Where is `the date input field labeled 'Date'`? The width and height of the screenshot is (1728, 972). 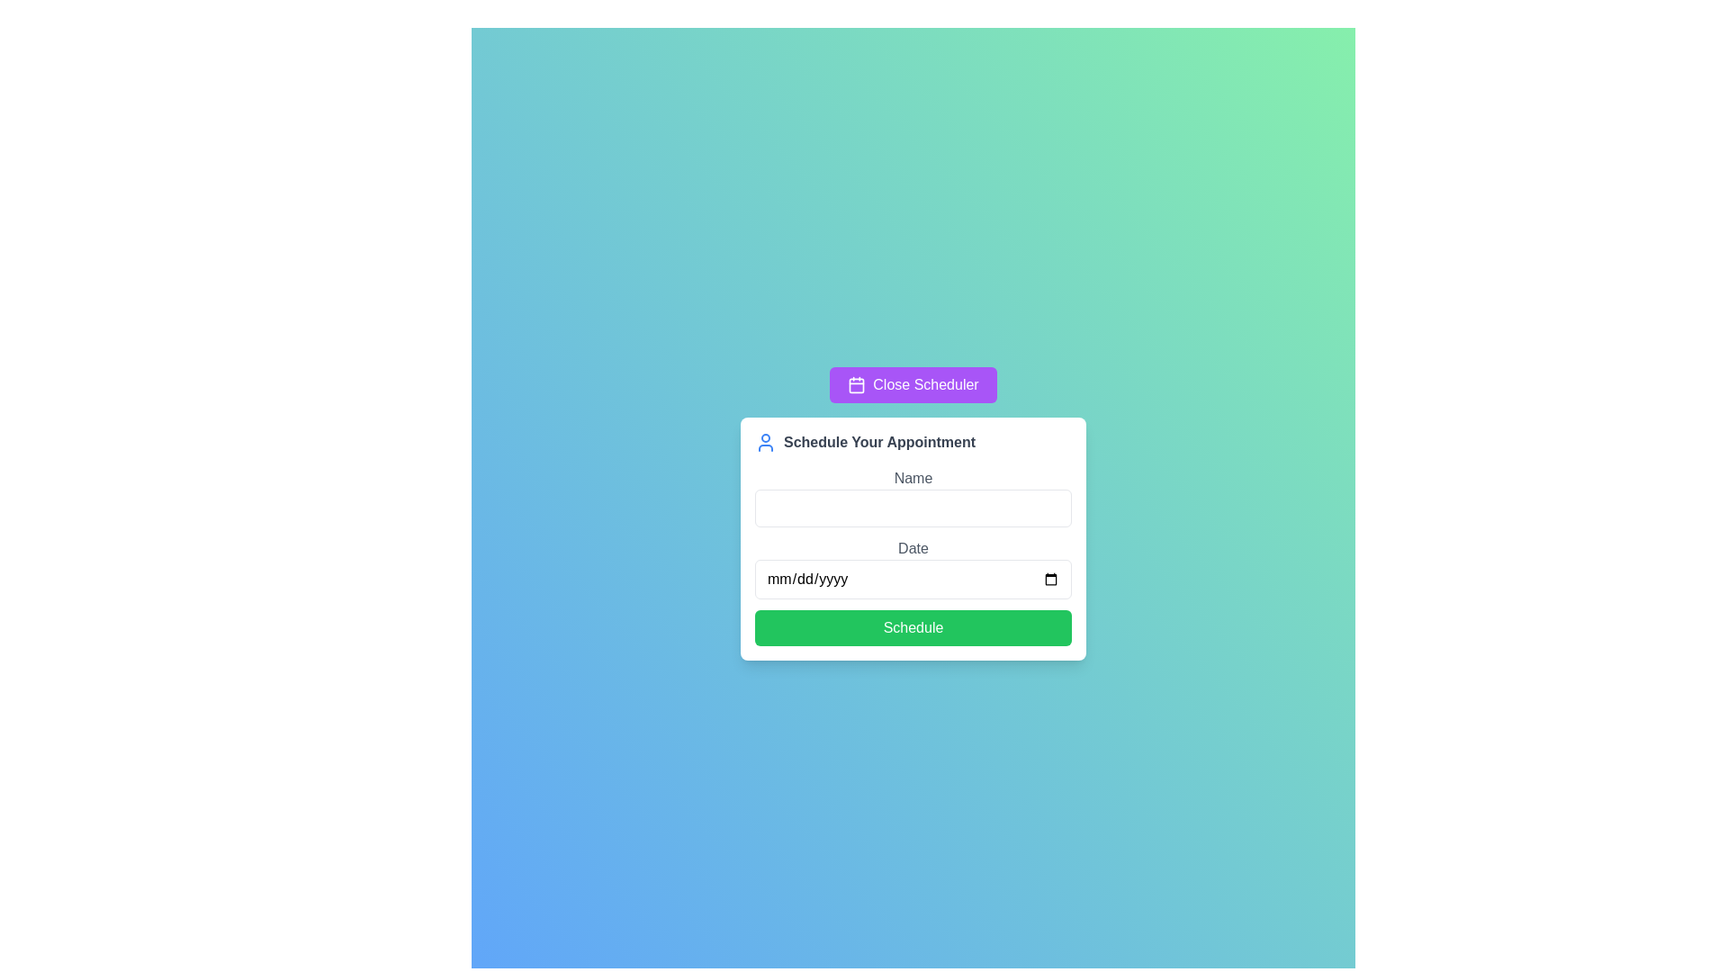 the date input field labeled 'Date' is located at coordinates (913, 569).